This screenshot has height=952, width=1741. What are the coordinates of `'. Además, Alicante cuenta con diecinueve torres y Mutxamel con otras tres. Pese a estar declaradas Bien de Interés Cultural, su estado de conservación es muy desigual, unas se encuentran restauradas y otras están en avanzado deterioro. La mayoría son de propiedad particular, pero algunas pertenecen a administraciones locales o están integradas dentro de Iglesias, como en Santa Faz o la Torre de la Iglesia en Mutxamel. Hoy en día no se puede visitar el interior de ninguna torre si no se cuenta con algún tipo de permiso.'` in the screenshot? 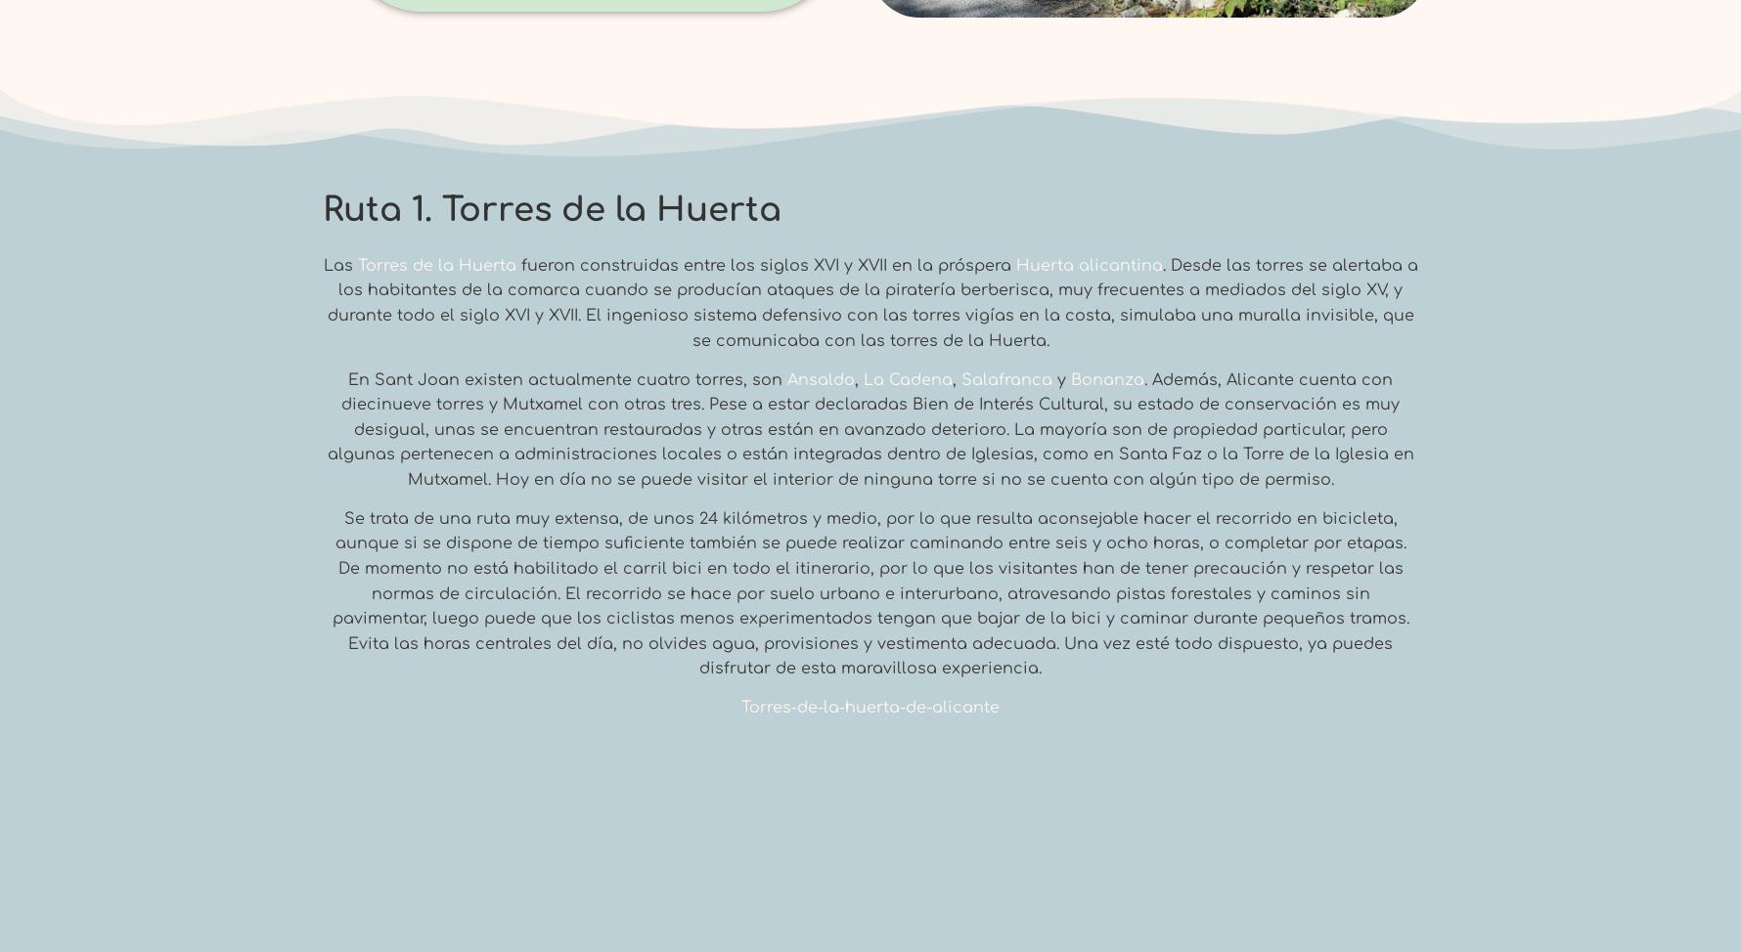 It's located at (869, 427).